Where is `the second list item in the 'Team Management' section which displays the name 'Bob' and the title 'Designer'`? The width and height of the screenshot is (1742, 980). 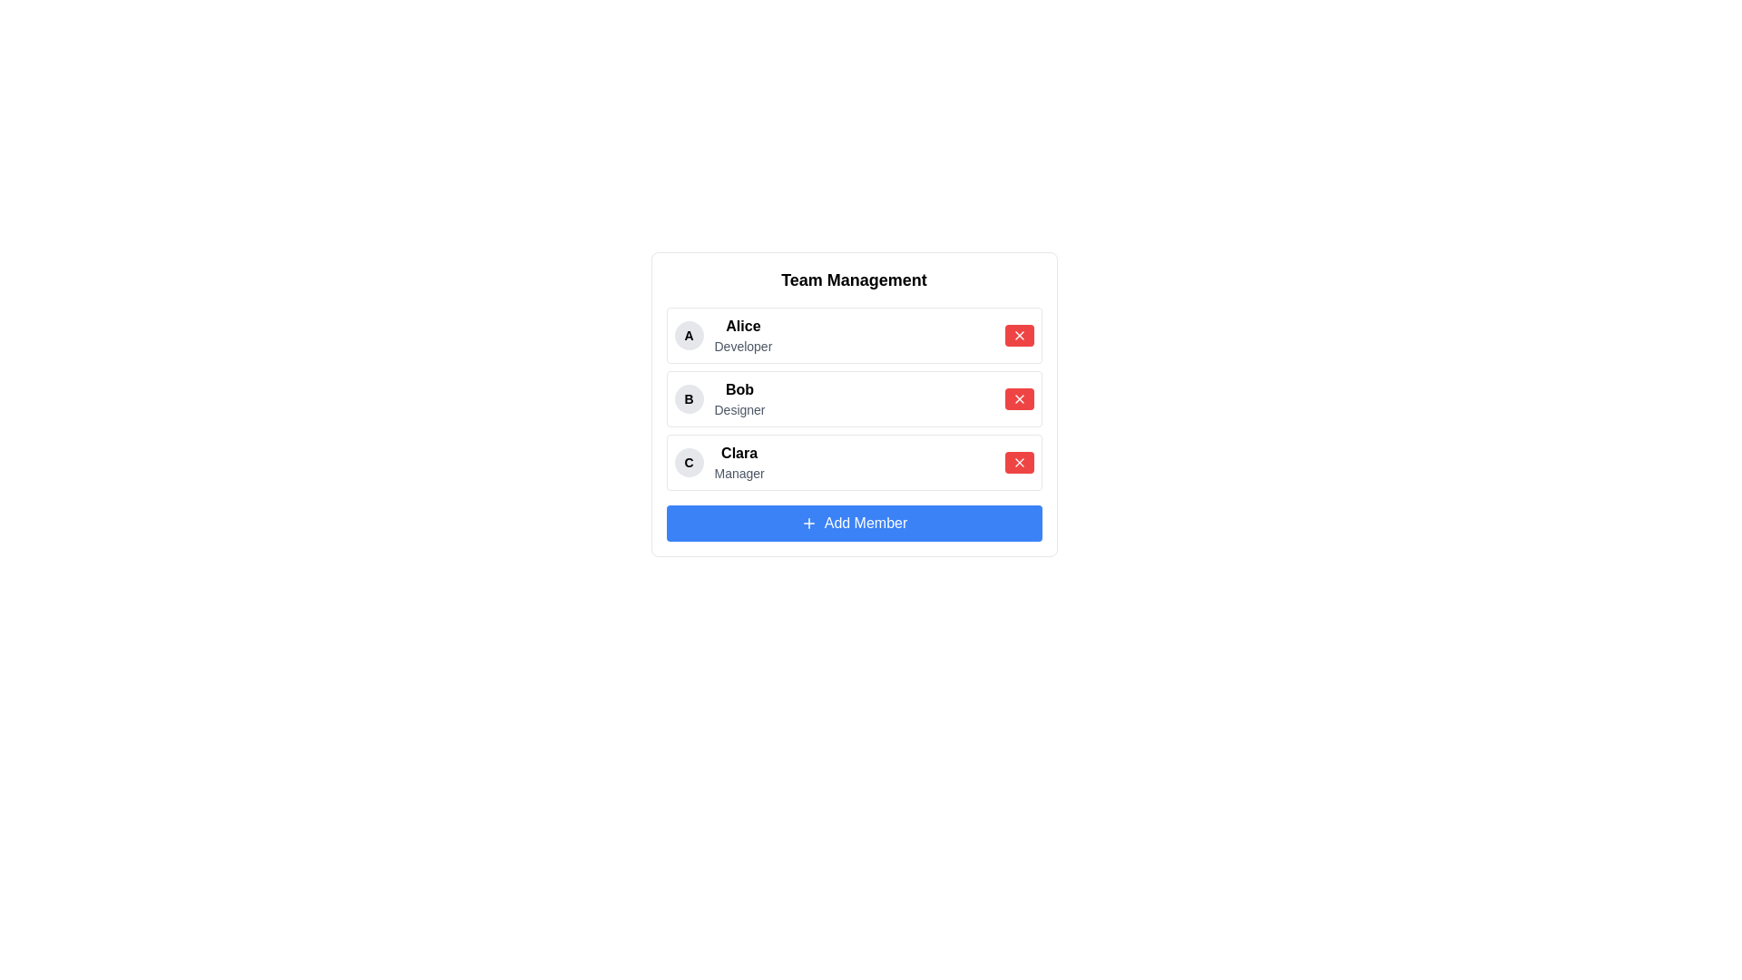 the second list item in the 'Team Management' section which displays the name 'Bob' and the title 'Designer' is located at coordinates (853, 397).